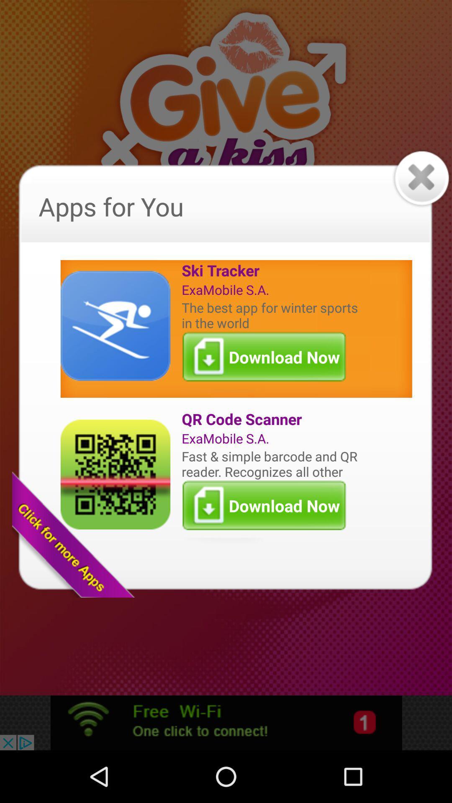  What do you see at coordinates (272, 463) in the screenshot?
I see `the app below the examobile s.a. app` at bounding box center [272, 463].